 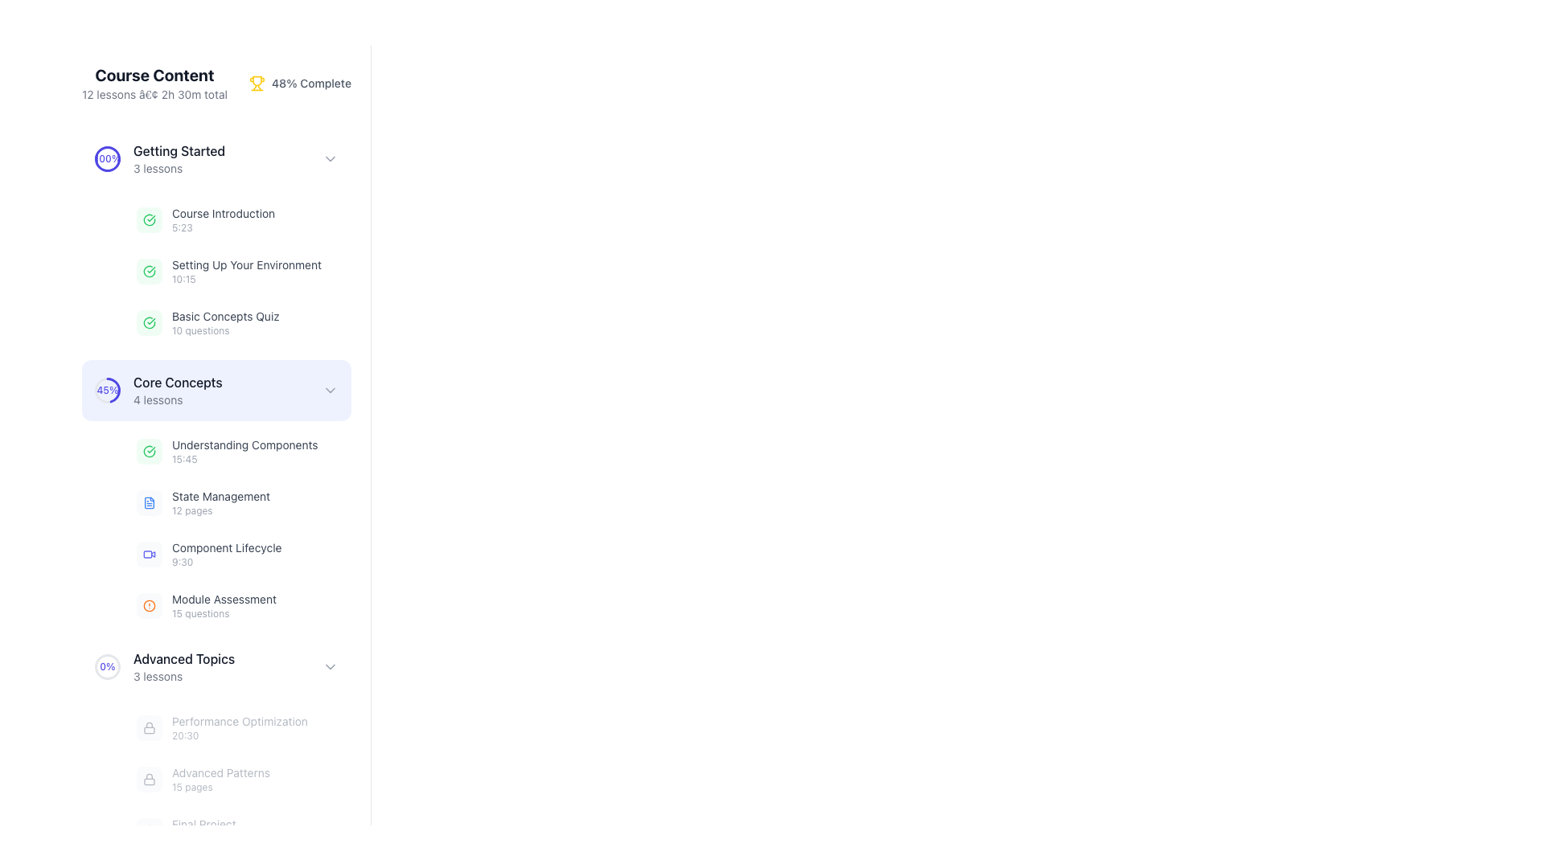 What do you see at coordinates (107, 158) in the screenshot?
I see `the circular graphical element with a light gray border located in the left sidebar next to the 'Getting Started' section title` at bounding box center [107, 158].